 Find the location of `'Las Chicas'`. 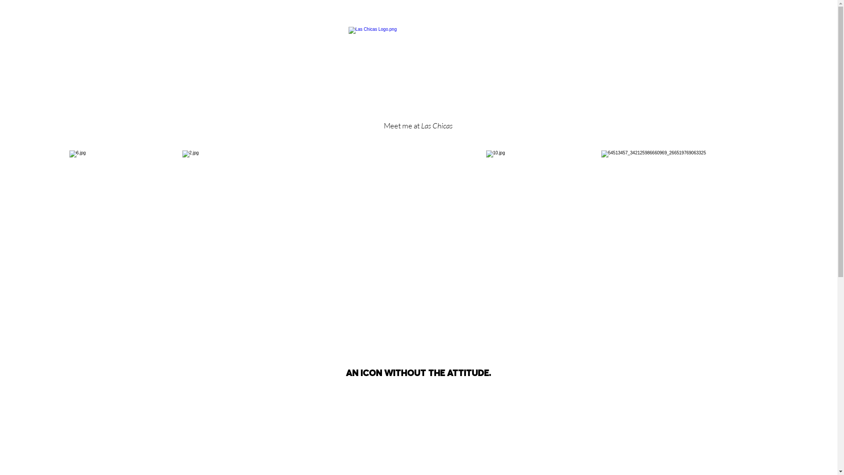

'Las Chicas' is located at coordinates (437, 125).